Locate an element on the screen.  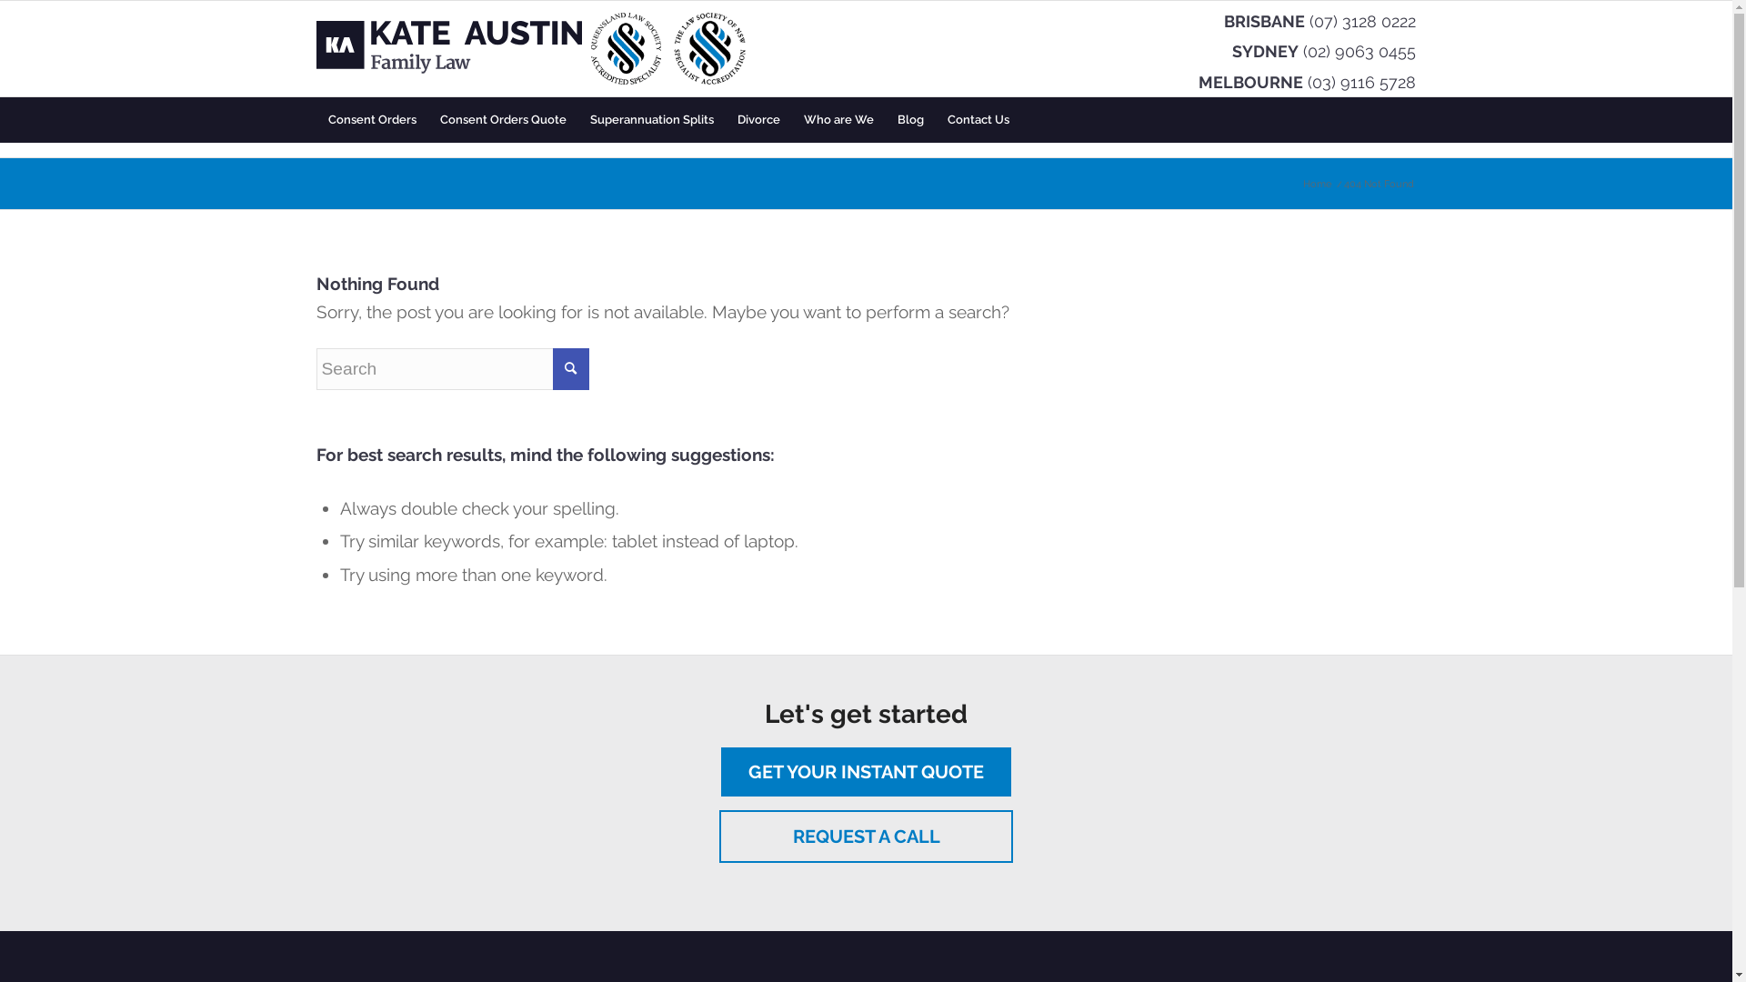
'Contact Us' is located at coordinates (934, 119).